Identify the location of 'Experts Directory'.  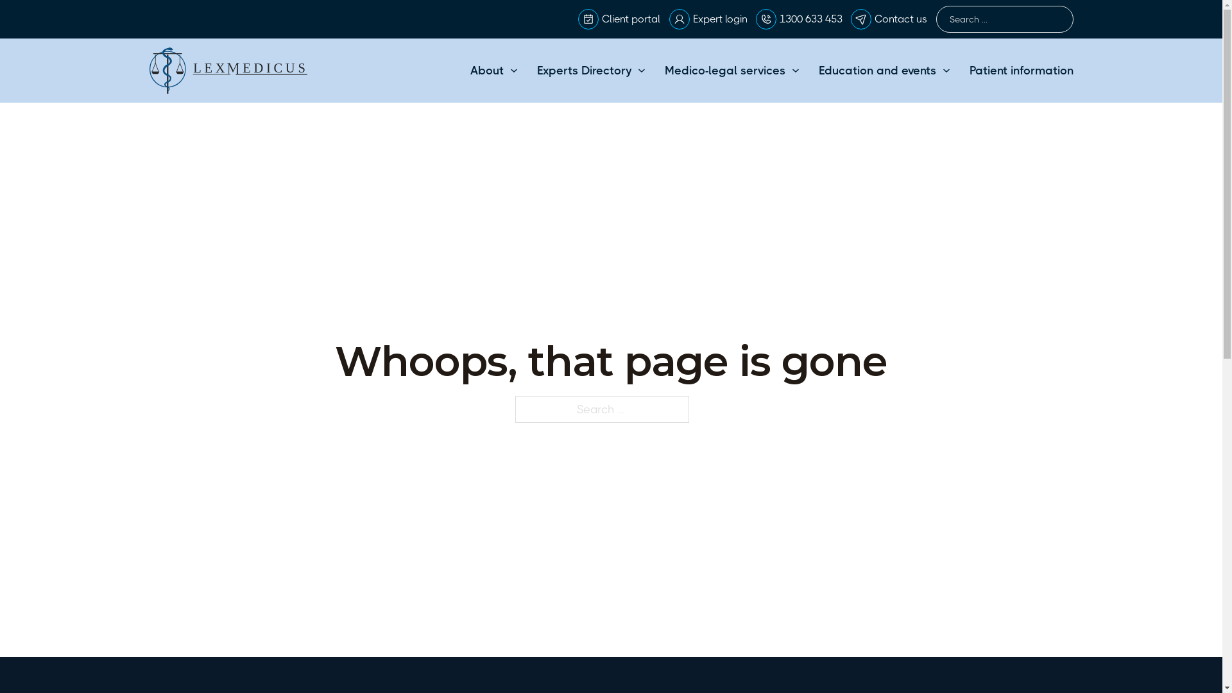
(583, 70).